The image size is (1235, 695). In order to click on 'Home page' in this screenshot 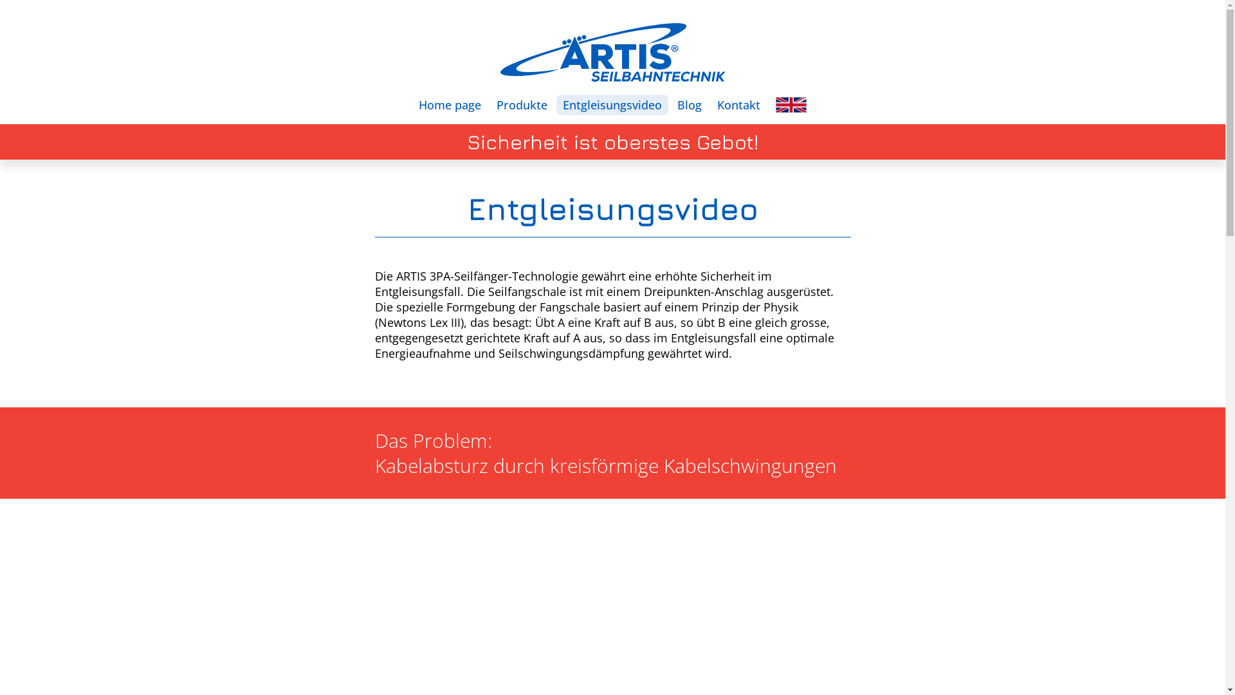, I will do `click(450, 104)`.